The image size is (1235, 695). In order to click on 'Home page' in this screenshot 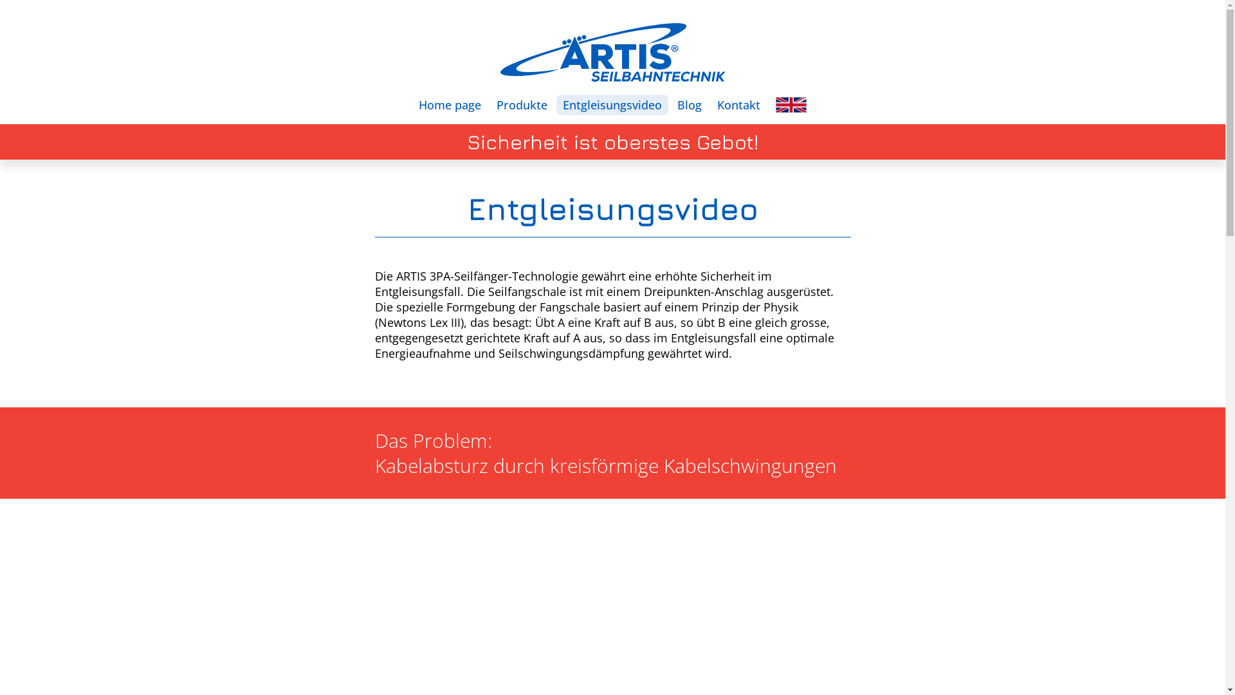, I will do `click(450, 104)`.